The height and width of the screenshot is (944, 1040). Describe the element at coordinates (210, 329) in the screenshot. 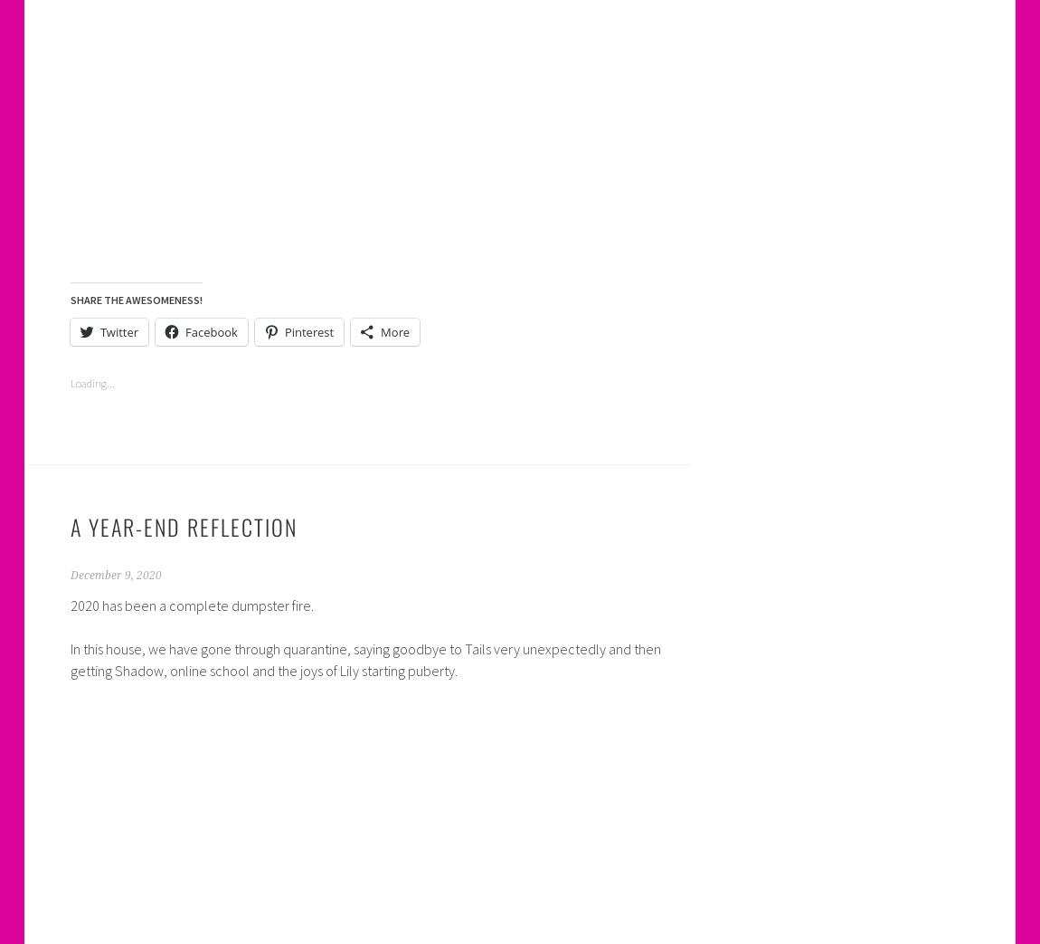

I see `'Facebook'` at that location.